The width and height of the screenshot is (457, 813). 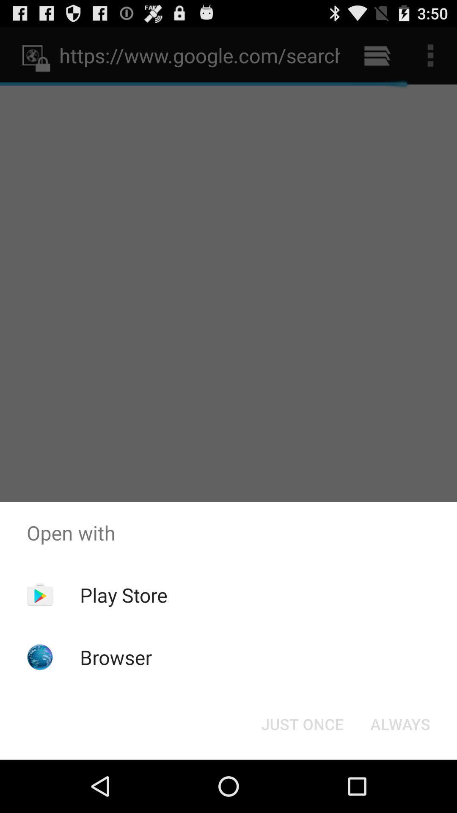 I want to click on item at the bottom, so click(x=302, y=723).